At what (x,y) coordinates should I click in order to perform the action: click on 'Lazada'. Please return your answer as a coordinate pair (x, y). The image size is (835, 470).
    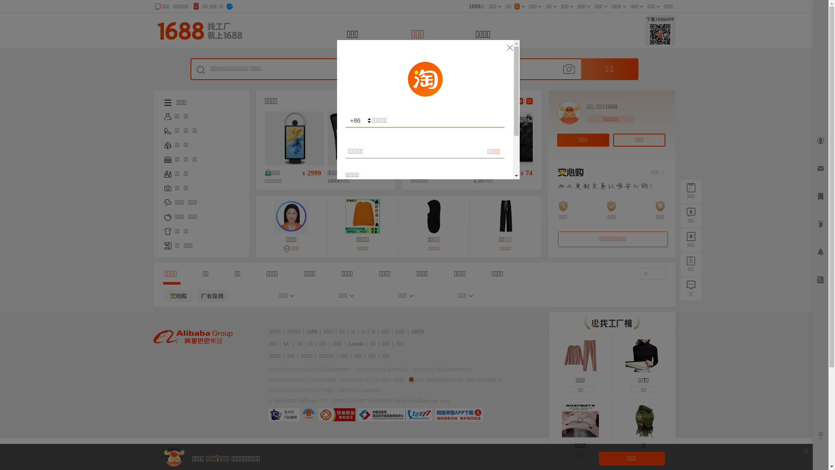
    Looking at the image, I should click on (356, 343).